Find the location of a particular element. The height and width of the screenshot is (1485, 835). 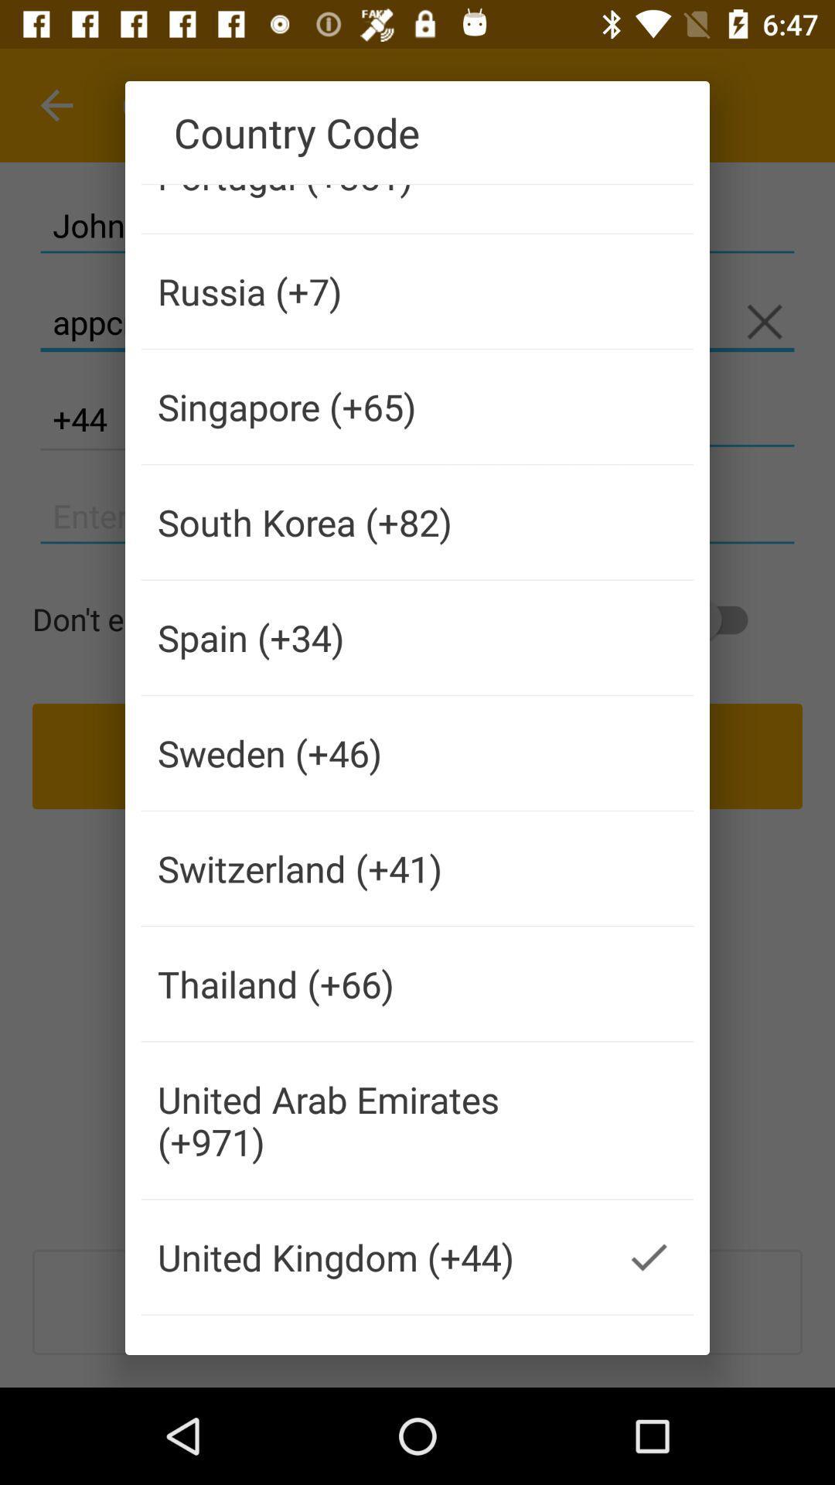

the switzerland (+41) is located at coordinates (373, 869).